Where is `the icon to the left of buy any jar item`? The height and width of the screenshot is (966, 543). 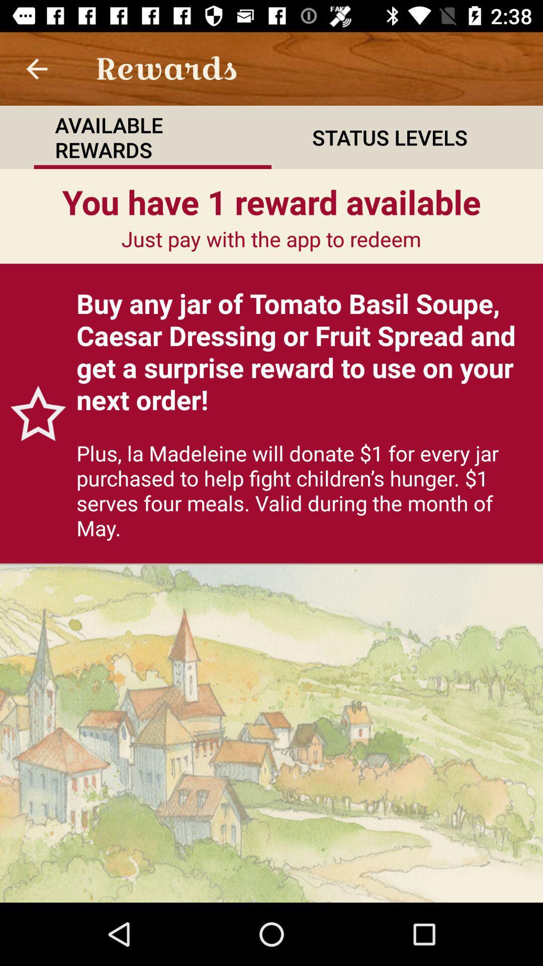
the icon to the left of buy any jar item is located at coordinates (32, 413).